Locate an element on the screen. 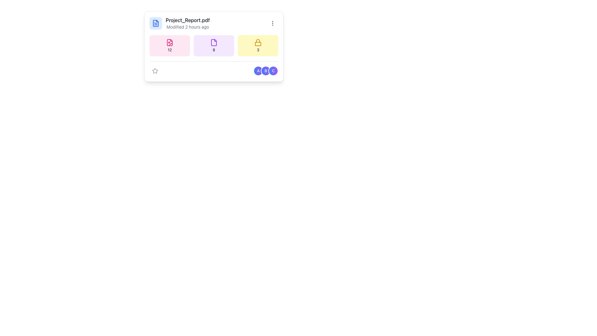 The image size is (597, 336). the file icon representing 'Project_Report.pdf' located at the top-left corner of the card is located at coordinates (155, 23).